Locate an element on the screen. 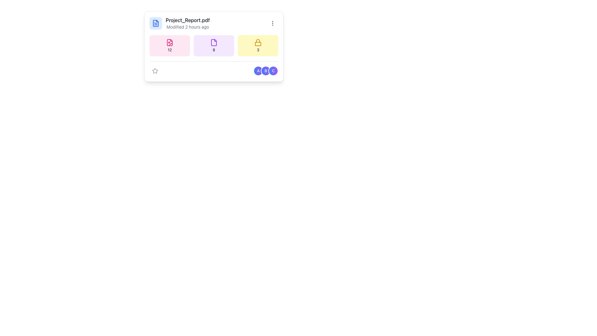 The image size is (597, 336). the file icon representing 'Project_Report.pdf' located at the top-left corner of the card is located at coordinates (155, 23).